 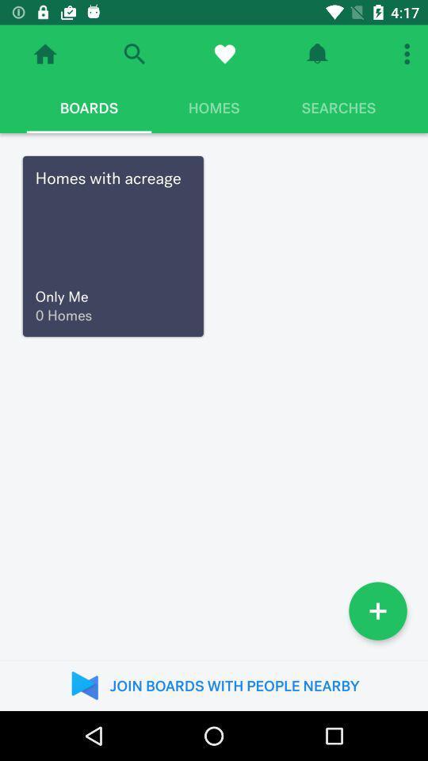 What do you see at coordinates (376, 610) in the screenshot?
I see `icon at the bottom right corner` at bounding box center [376, 610].